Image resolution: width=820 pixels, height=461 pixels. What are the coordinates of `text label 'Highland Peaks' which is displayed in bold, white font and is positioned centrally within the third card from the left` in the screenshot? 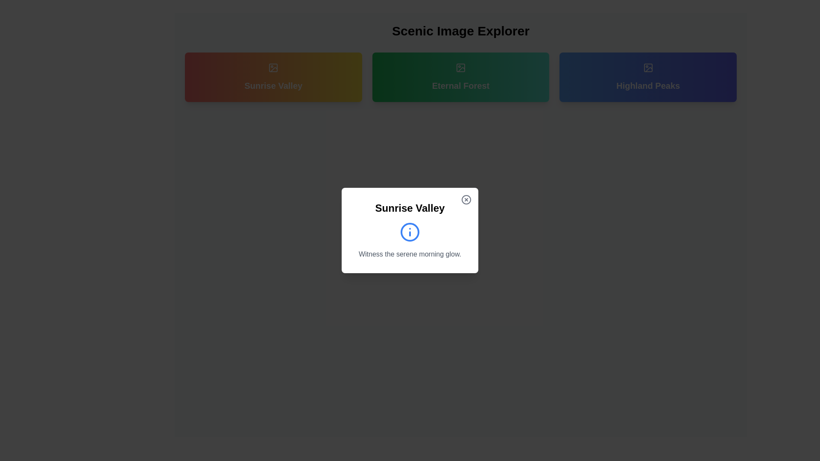 It's located at (648, 85).